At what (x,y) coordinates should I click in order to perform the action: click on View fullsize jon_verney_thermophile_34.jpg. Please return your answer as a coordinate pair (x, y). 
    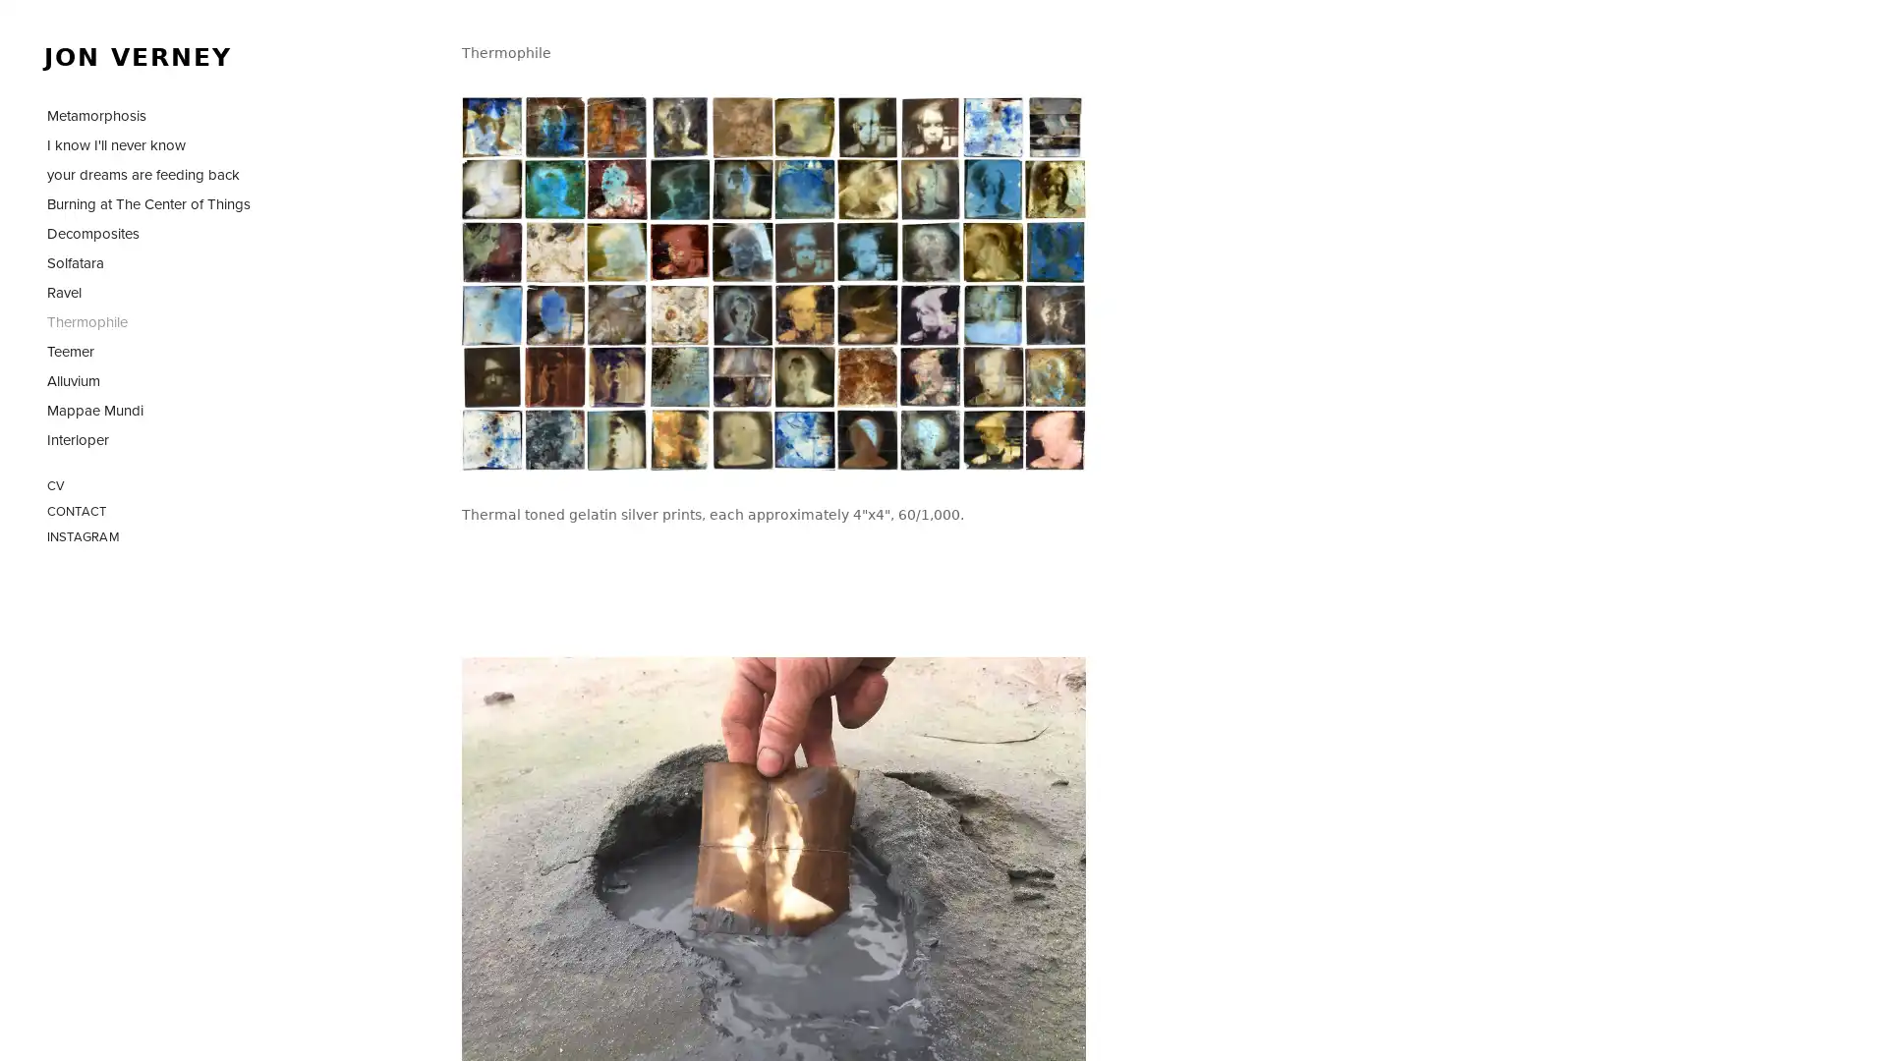
    Looking at the image, I should click on (616, 126).